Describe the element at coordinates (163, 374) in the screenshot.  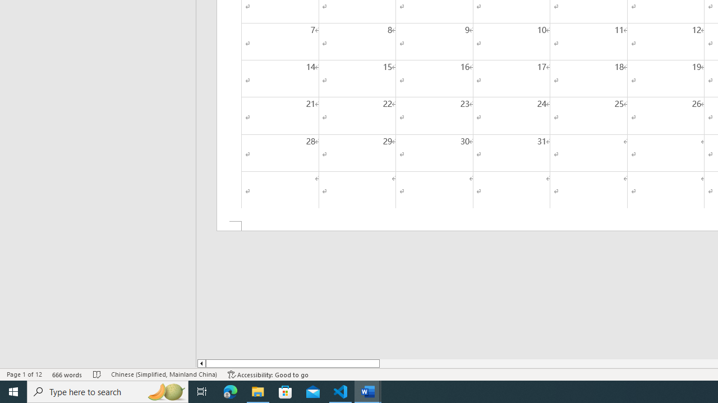
I see `'Language Chinese (Simplified, Mainland China)'` at that location.